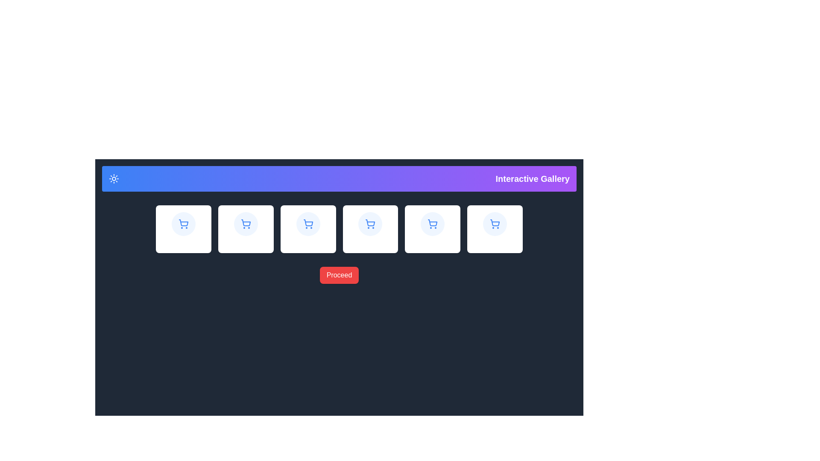 The width and height of the screenshot is (820, 461). Describe the element at coordinates (433, 223) in the screenshot. I see `the circular icon with a blue background featuring a shopping cart symbol located in the card labeled 'Moon', which is the fifth card from the left` at that location.